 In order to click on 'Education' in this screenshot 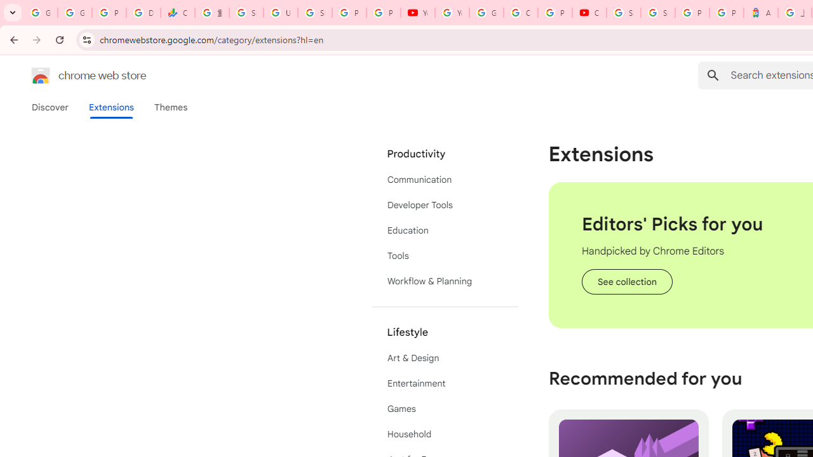, I will do `click(445, 230)`.